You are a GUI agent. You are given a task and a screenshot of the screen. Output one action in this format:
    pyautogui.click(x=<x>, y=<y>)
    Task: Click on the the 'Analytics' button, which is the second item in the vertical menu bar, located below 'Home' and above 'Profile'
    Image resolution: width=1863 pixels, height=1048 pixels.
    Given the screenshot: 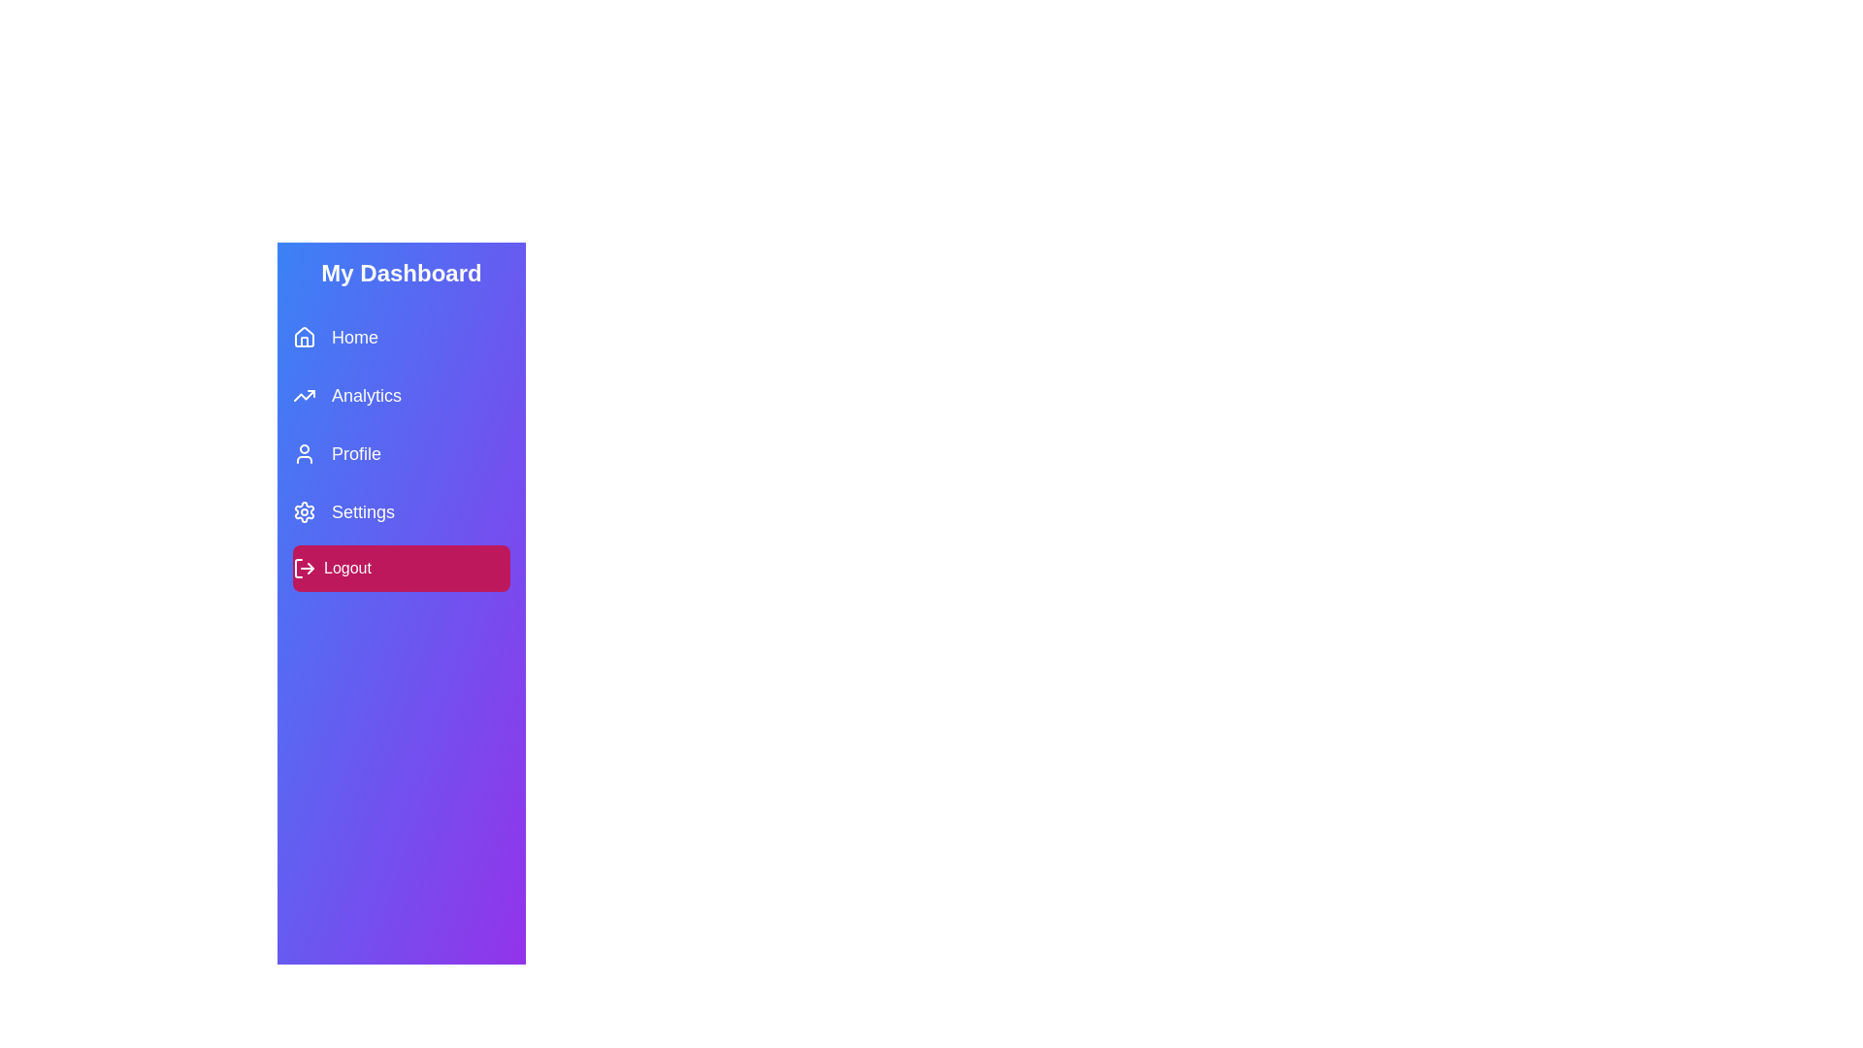 What is the action you would take?
    pyautogui.click(x=400, y=395)
    